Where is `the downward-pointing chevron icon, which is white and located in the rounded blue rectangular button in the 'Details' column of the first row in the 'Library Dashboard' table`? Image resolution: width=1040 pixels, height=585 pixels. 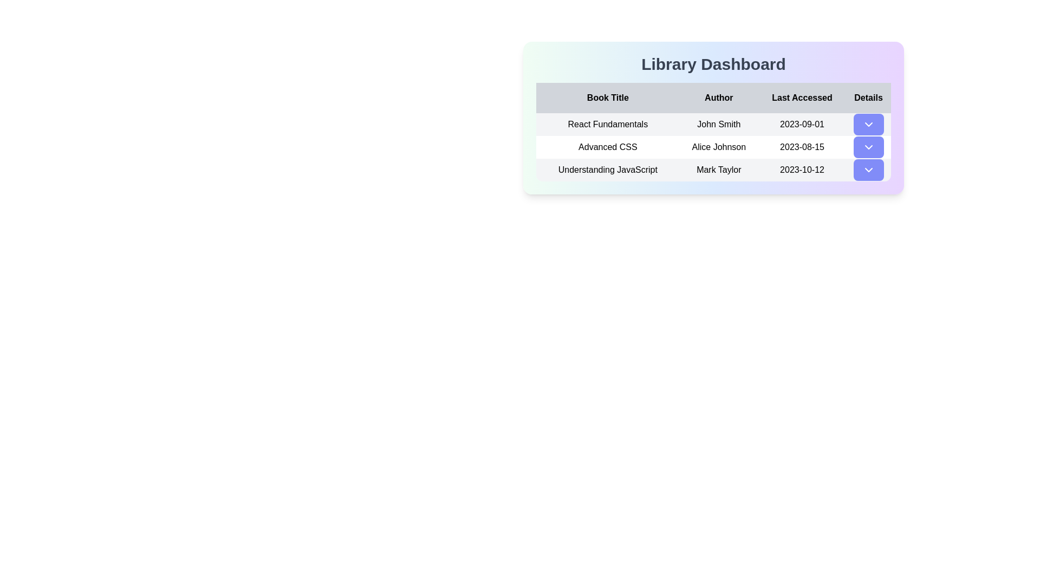 the downward-pointing chevron icon, which is white and located in the rounded blue rectangular button in the 'Details' column of the first row in the 'Library Dashboard' table is located at coordinates (868, 124).